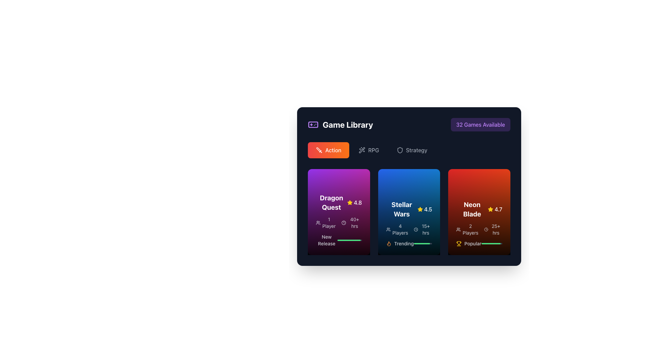 Image resolution: width=646 pixels, height=363 pixels. Describe the element at coordinates (313, 124) in the screenshot. I see `the purple Background Rectangle that serves as the main body of the game controller icon, which has rounded corners and no visible text or icon` at that location.